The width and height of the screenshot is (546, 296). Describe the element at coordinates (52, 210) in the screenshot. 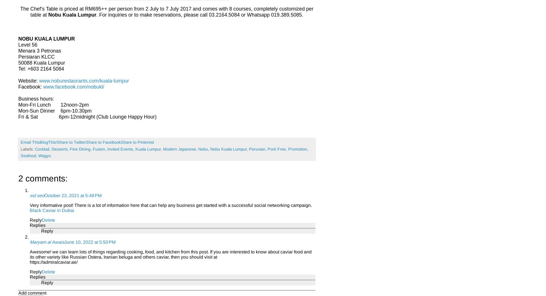

I see `'Black Caviar in Dubai'` at that location.